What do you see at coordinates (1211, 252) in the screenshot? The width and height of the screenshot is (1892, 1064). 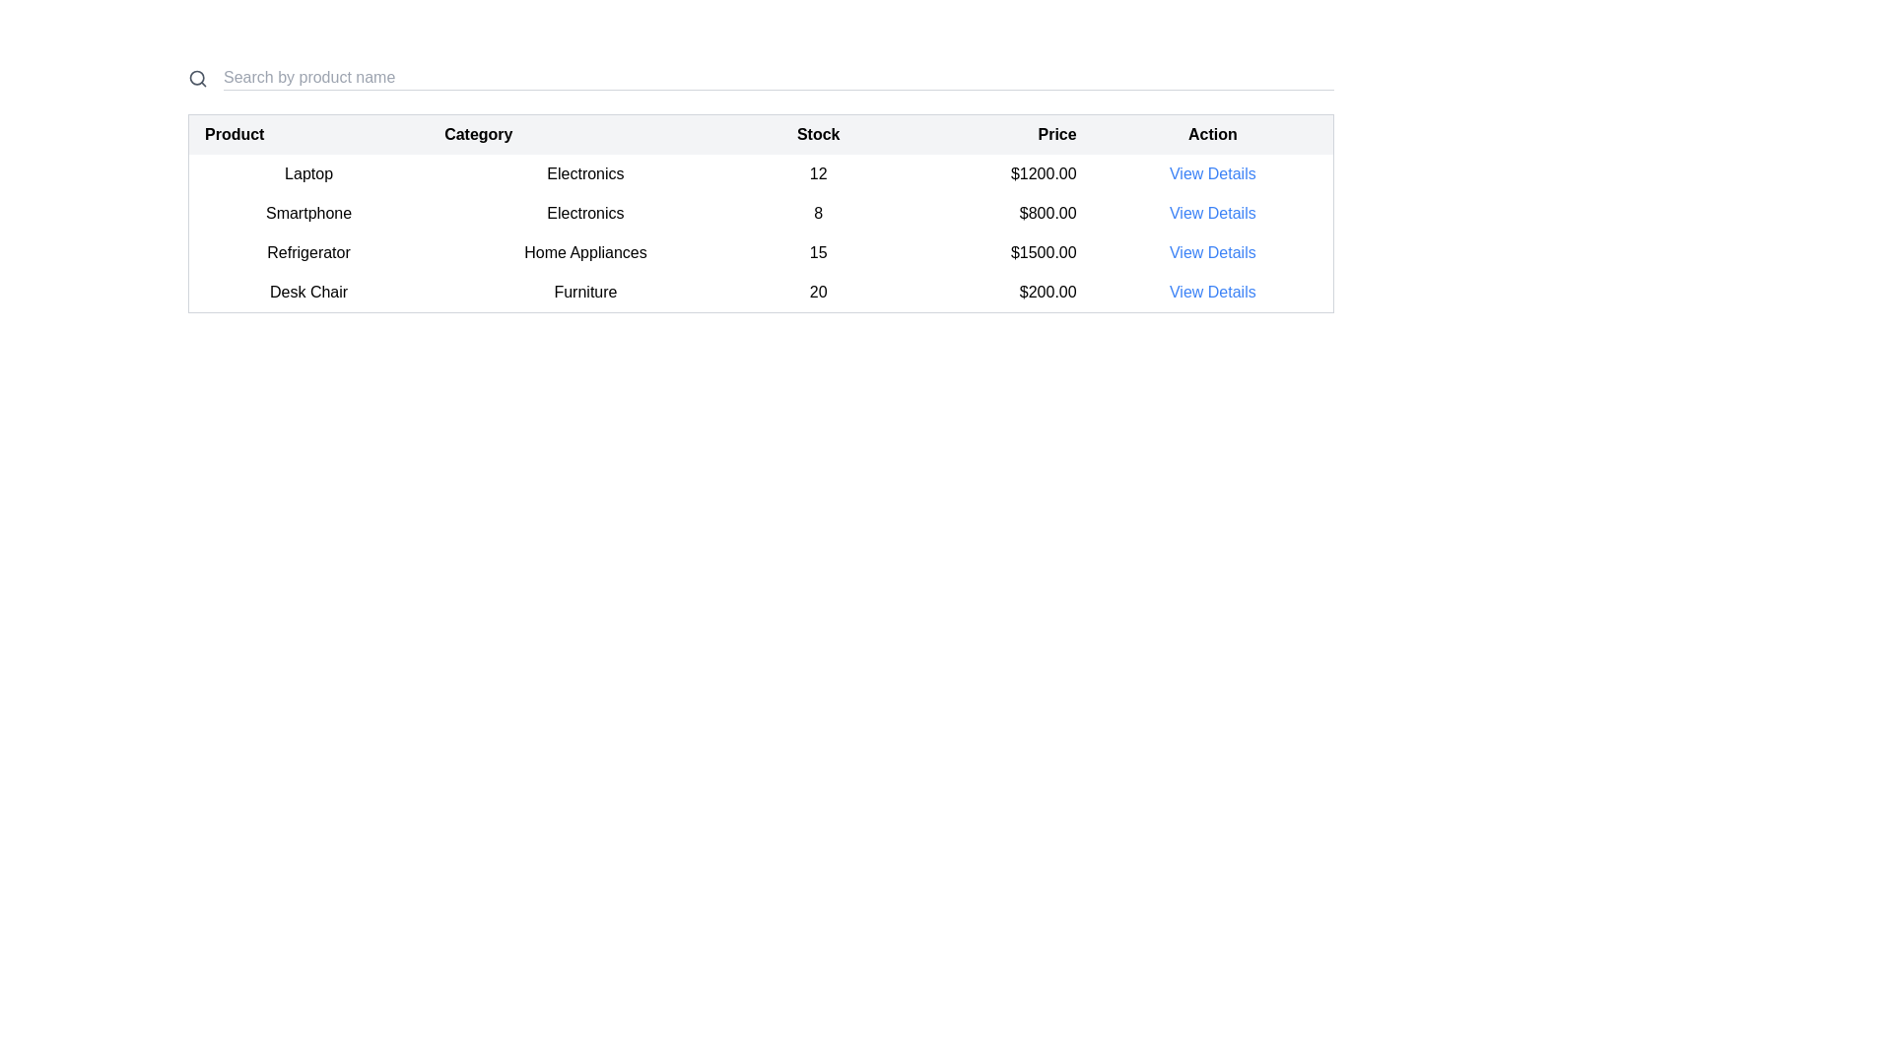 I see `the hyperlink 'View Details' located in the rightmost column of the 'Action' table for the product 'Refrigerator'` at bounding box center [1211, 252].